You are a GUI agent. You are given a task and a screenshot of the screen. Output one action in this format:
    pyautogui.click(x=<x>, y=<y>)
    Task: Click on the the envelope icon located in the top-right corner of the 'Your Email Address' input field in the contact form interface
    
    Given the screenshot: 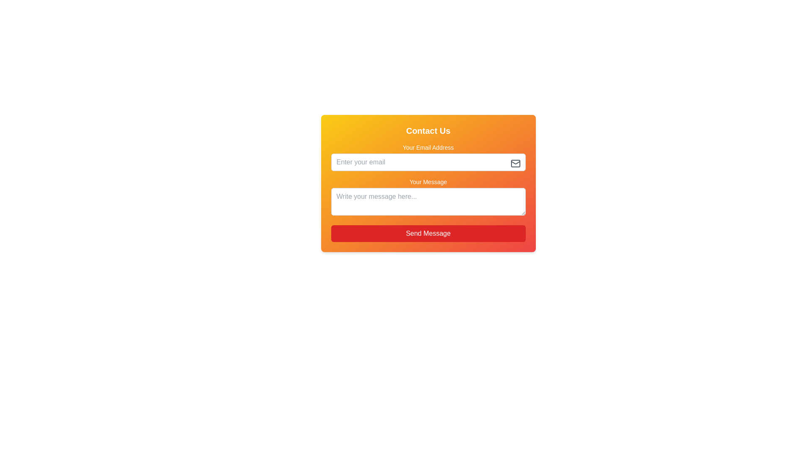 What is the action you would take?
    pyautogui.click(x=515, y=163)
    